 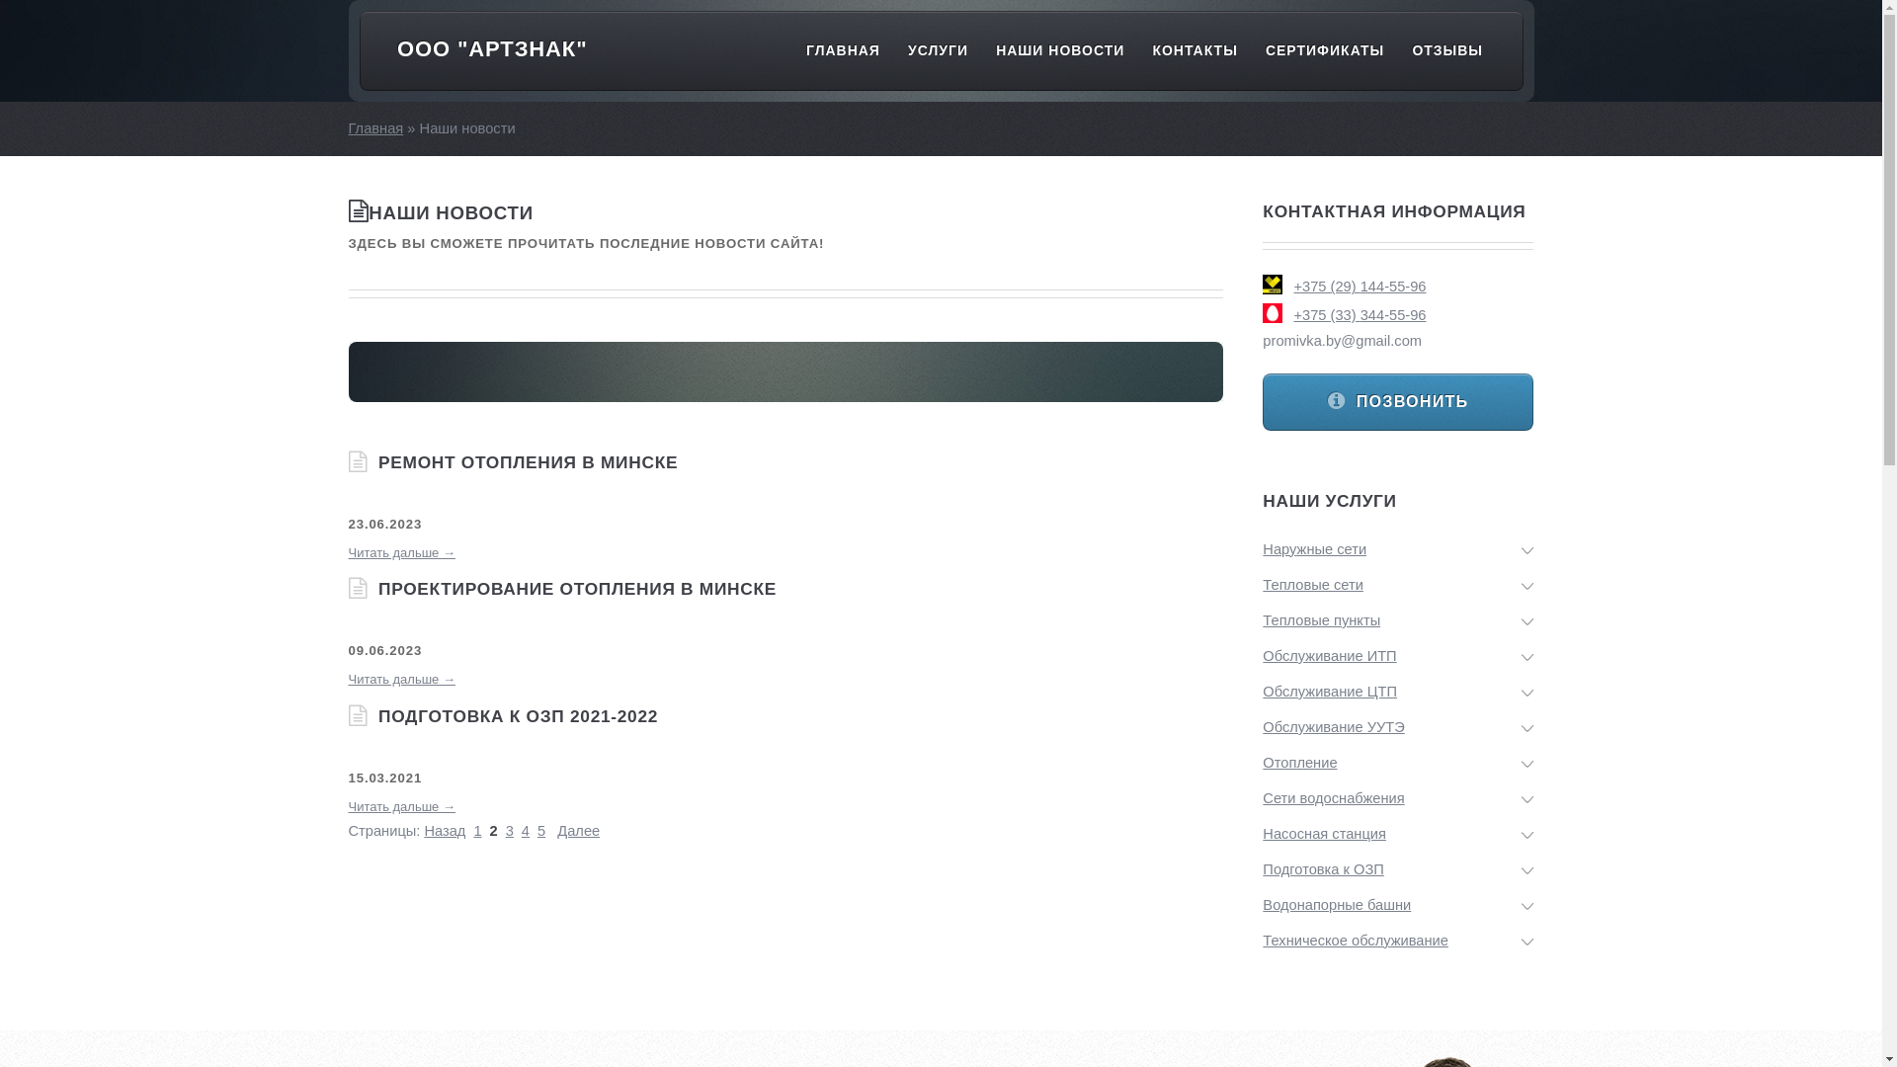 I want to click on '+375 (29) 144-55-96', so click(x=1293, y=286).